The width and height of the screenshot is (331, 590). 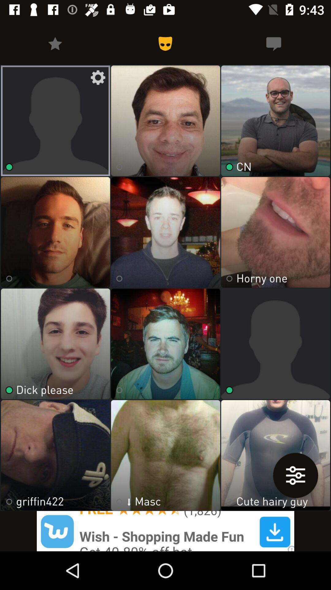 I want to click on advertisement, so click(x=165, y=531).